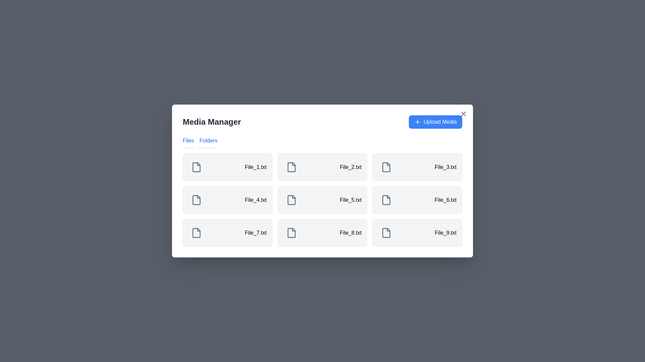  What do you see at coordinates (445, 232) in the screenshot?
I see `text of the file name displayed in the lower-right corner of the grid within the 'Media Manager' dialog, which is part of the last row in the grid layout` at bounding box center [445, 232].